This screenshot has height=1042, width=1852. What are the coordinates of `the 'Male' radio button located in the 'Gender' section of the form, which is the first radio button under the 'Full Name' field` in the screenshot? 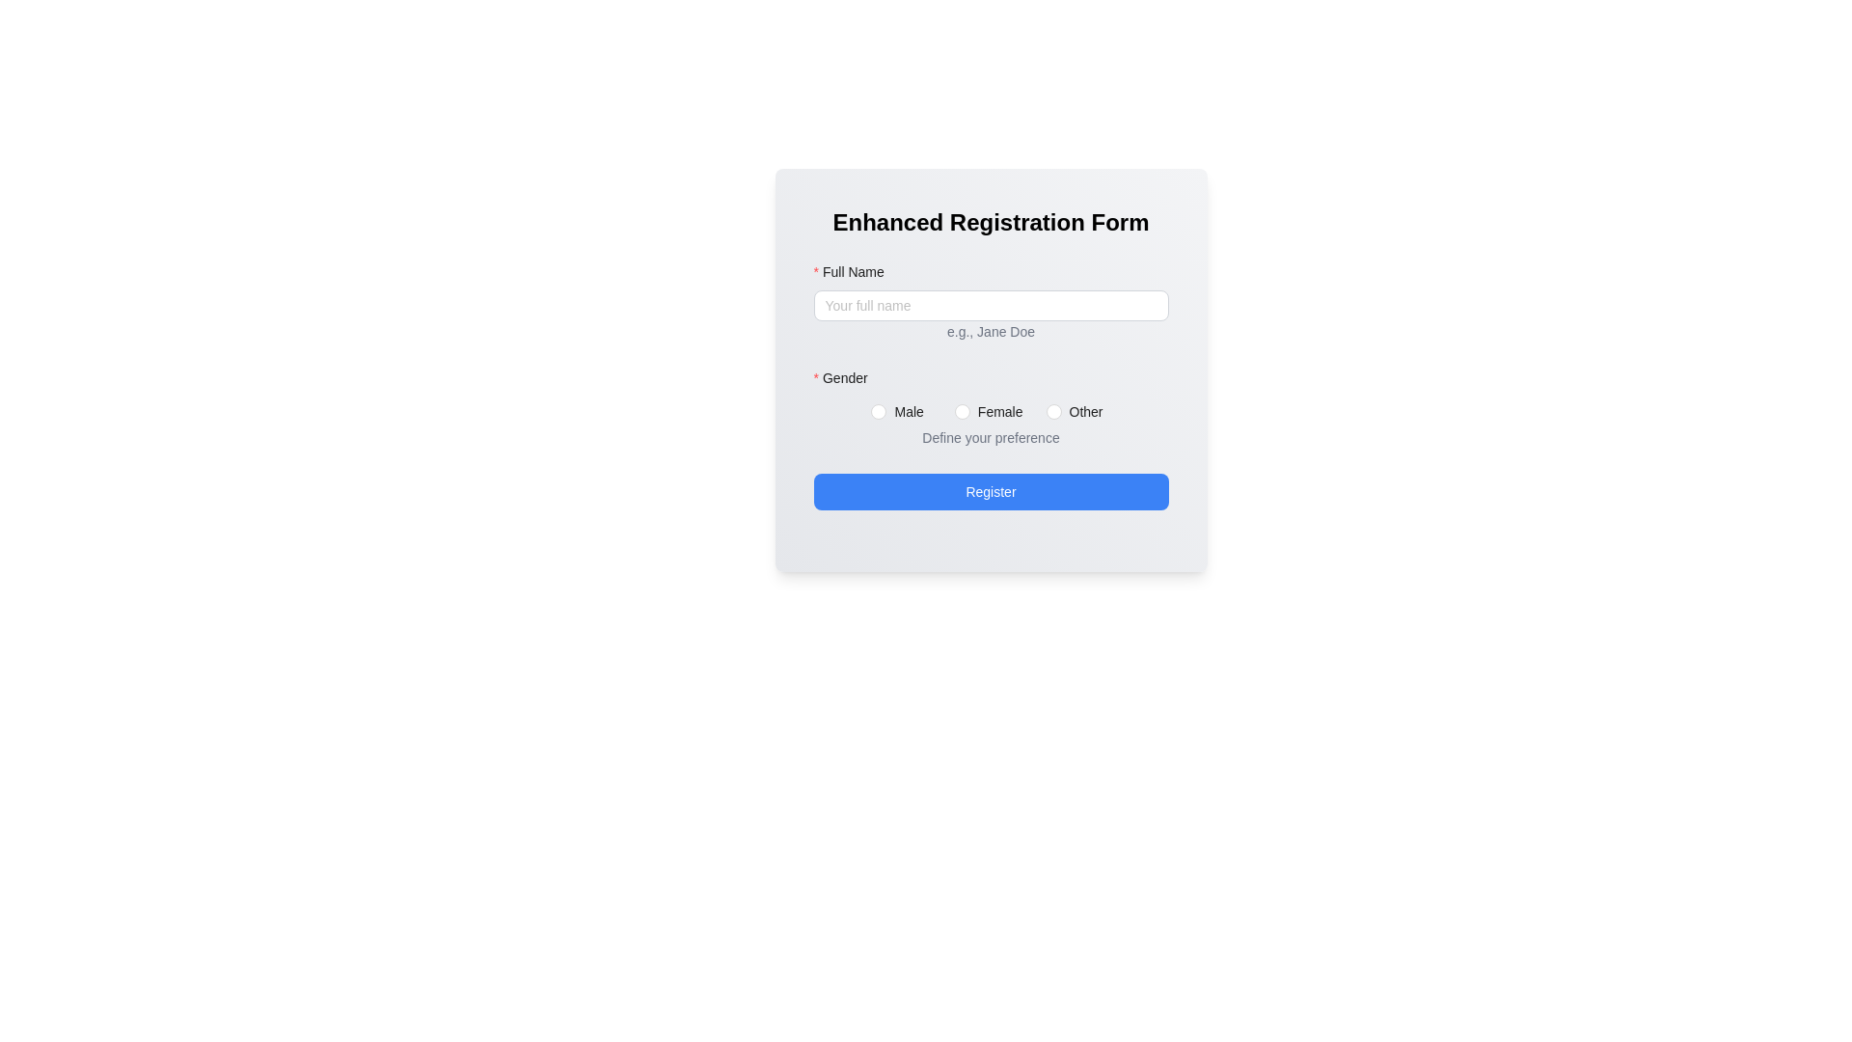 It's located at (878, 411).